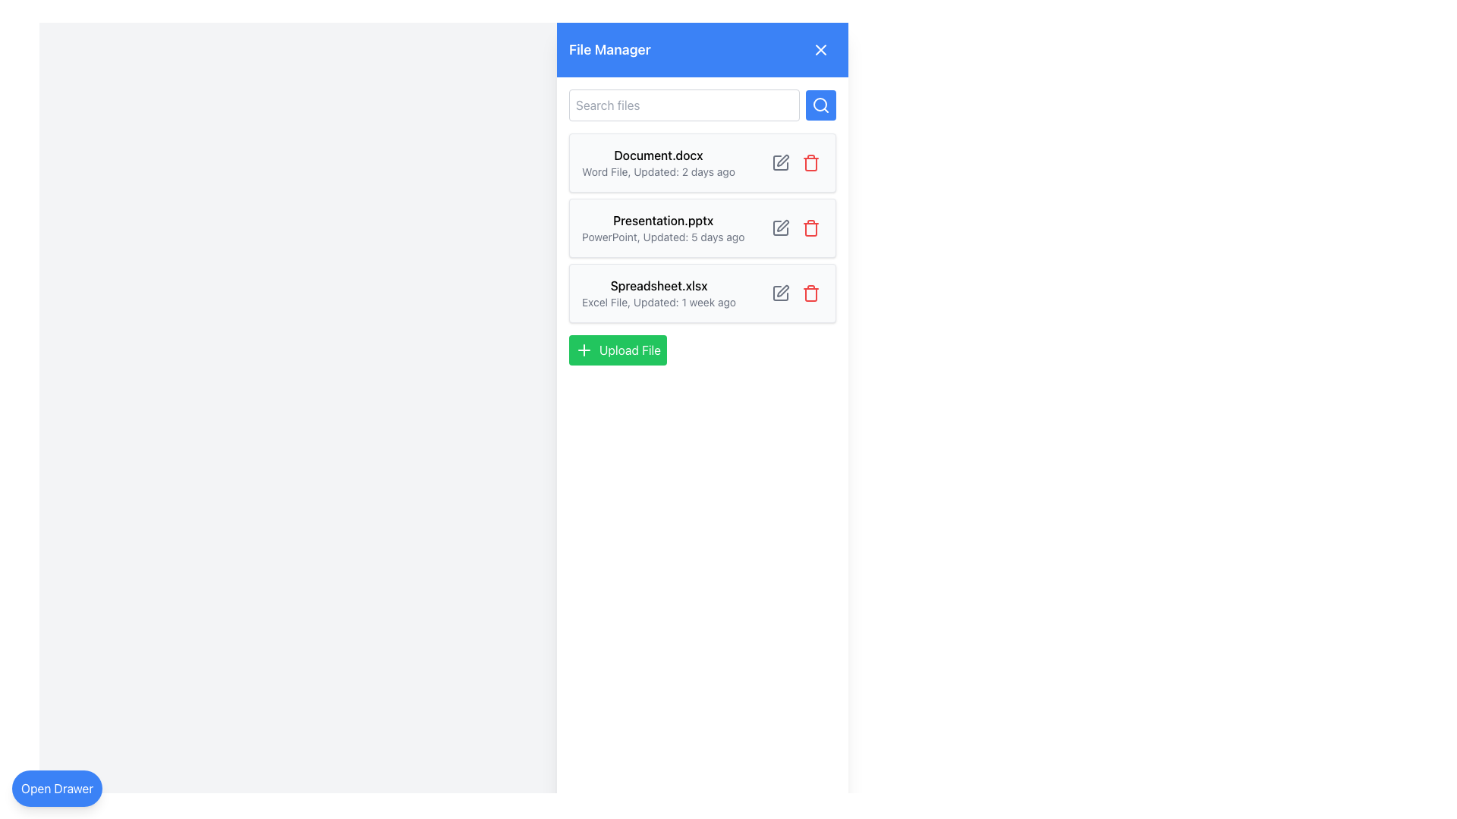 The width and height of the screenshot is (1457, 819). What do you see at coordinates (820, 49) in the screenshot?
I see `the diagonal cross icon in the upper-right corner of the blue header bar labeled 'File Manager'` at bounding box center [820, 49].